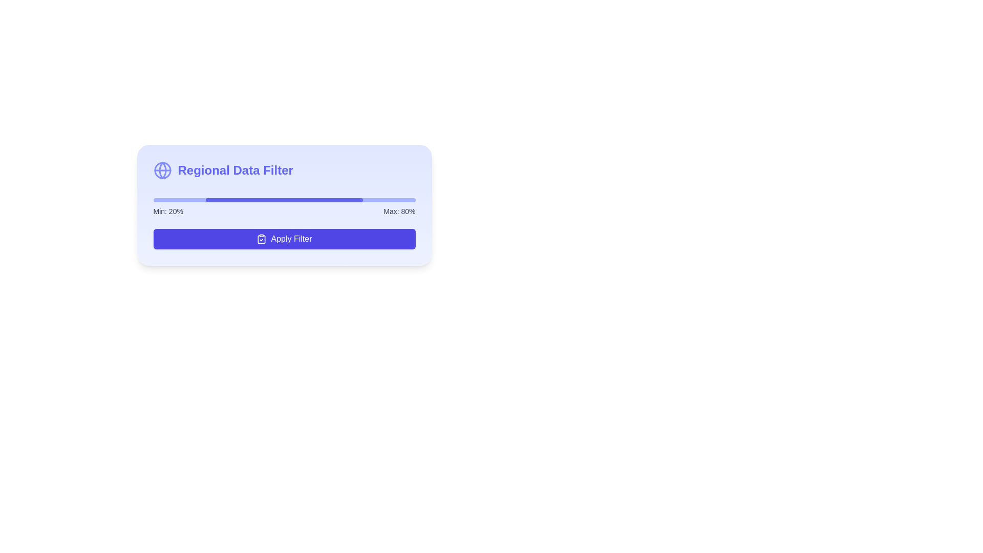  What do you see at coordinates (218, 198) in the screenshot?
I see `the slider` at bounding box center [218, 198].